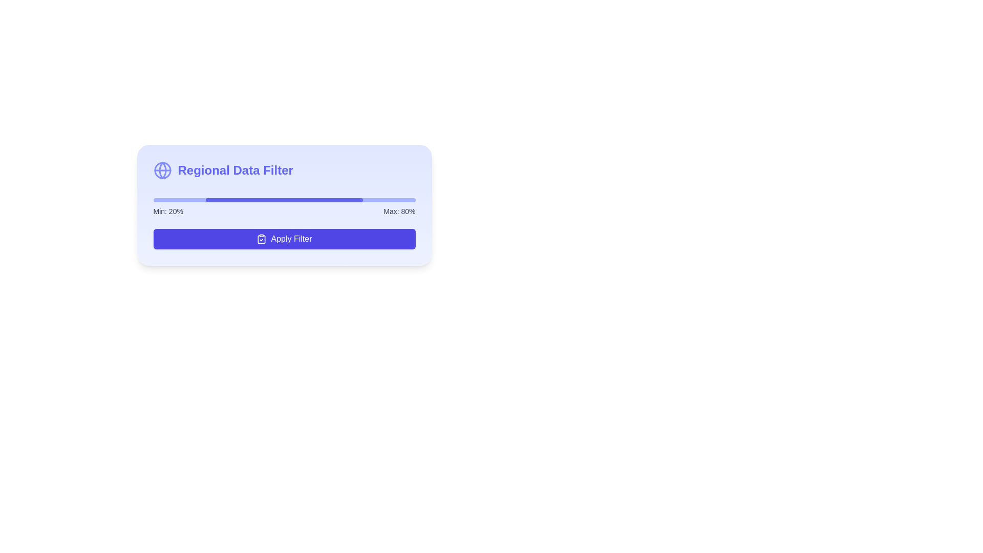  What do you see at coordinates (218, 198) in the screenshot?
I see `the slider` at bounding box center [218, 198].